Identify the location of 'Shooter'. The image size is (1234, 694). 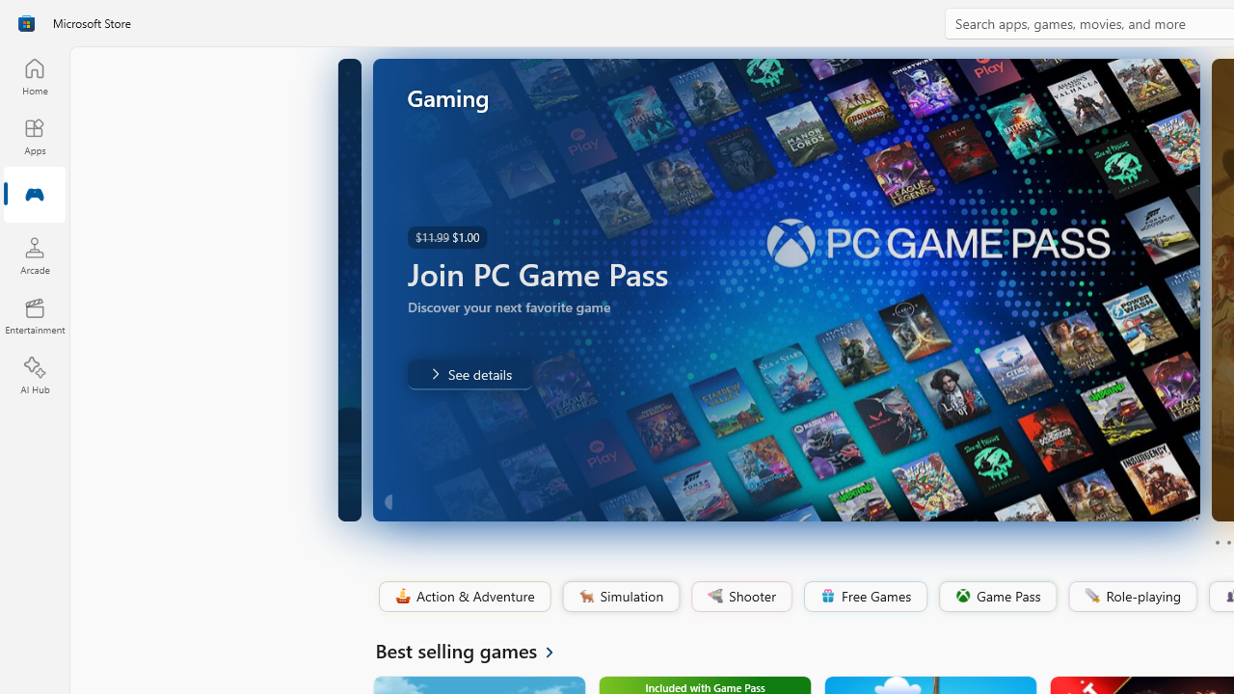
(739, 596).